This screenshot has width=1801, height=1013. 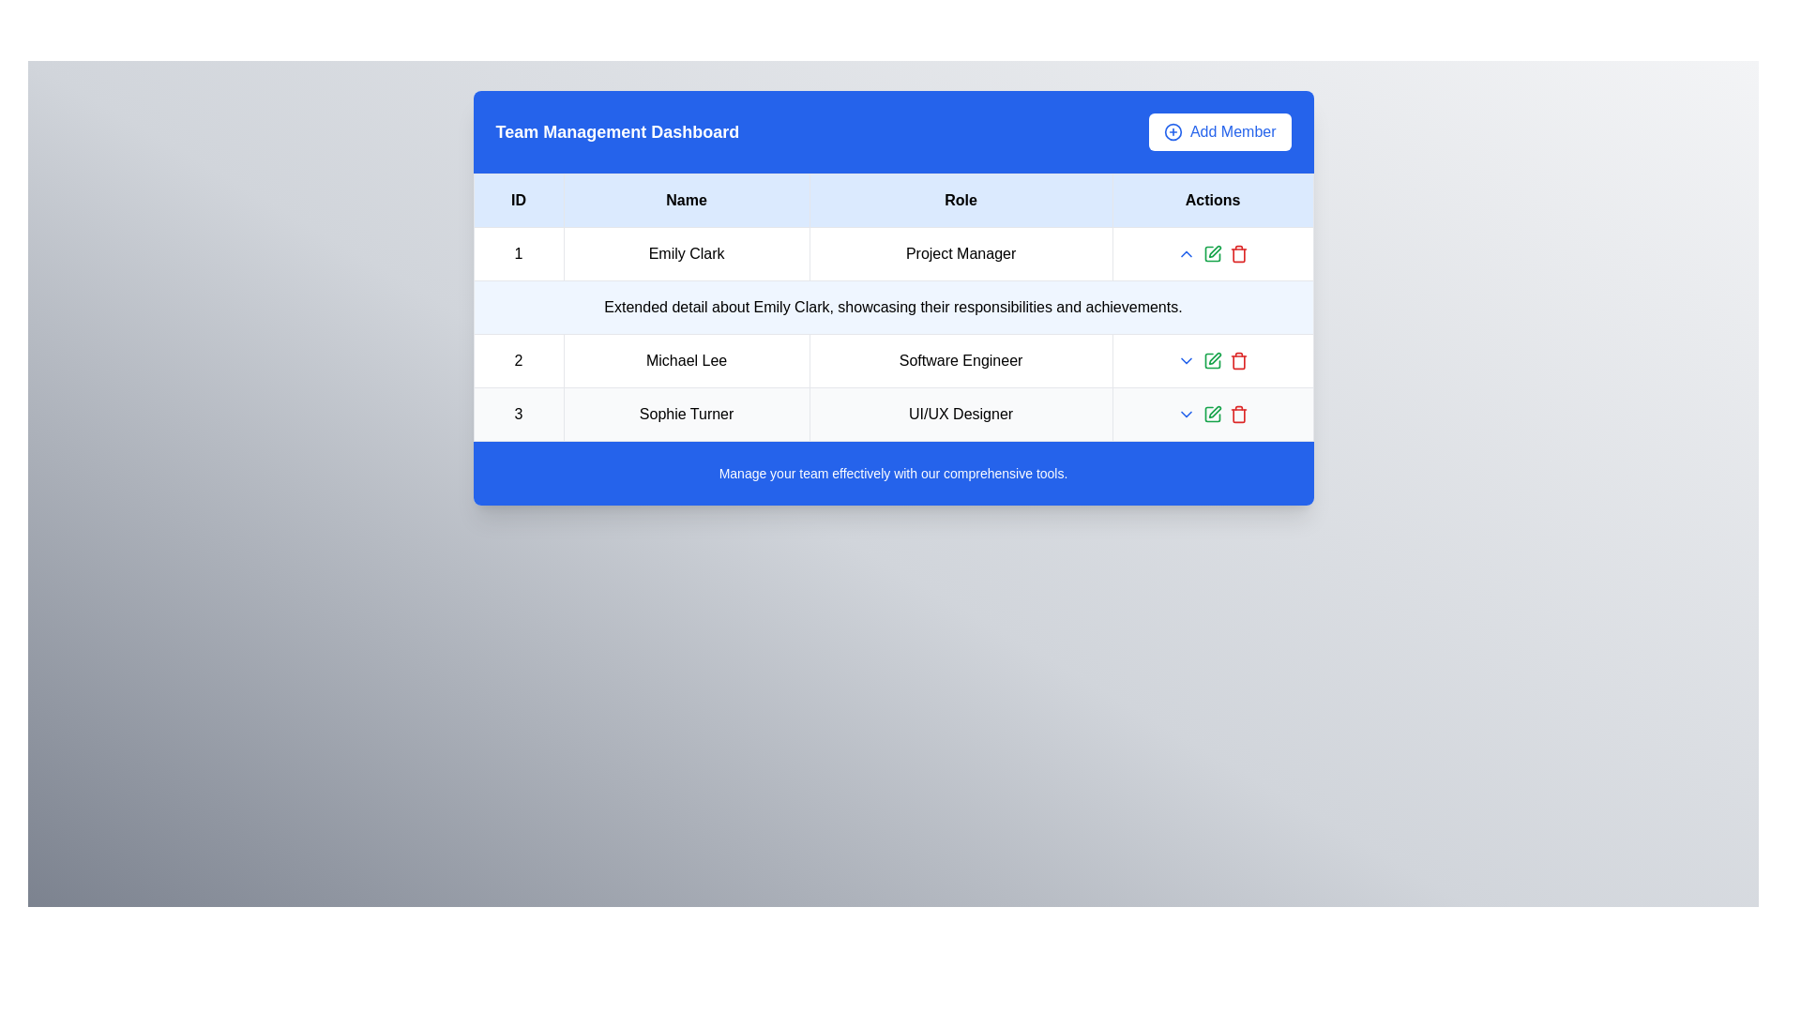 What do you see at coordinates (1213, 414) in the screenshot?
I see `the appearance of the pen icon located in the third row of the 'Actions' column in the user management dashboard` at bounding box center [1213, 414].